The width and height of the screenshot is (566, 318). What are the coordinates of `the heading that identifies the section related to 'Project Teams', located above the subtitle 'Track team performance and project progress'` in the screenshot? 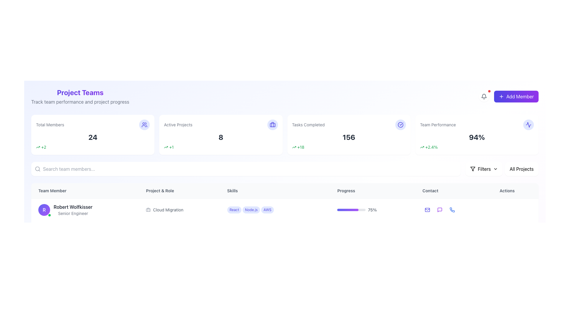 It's located at (80, 92).